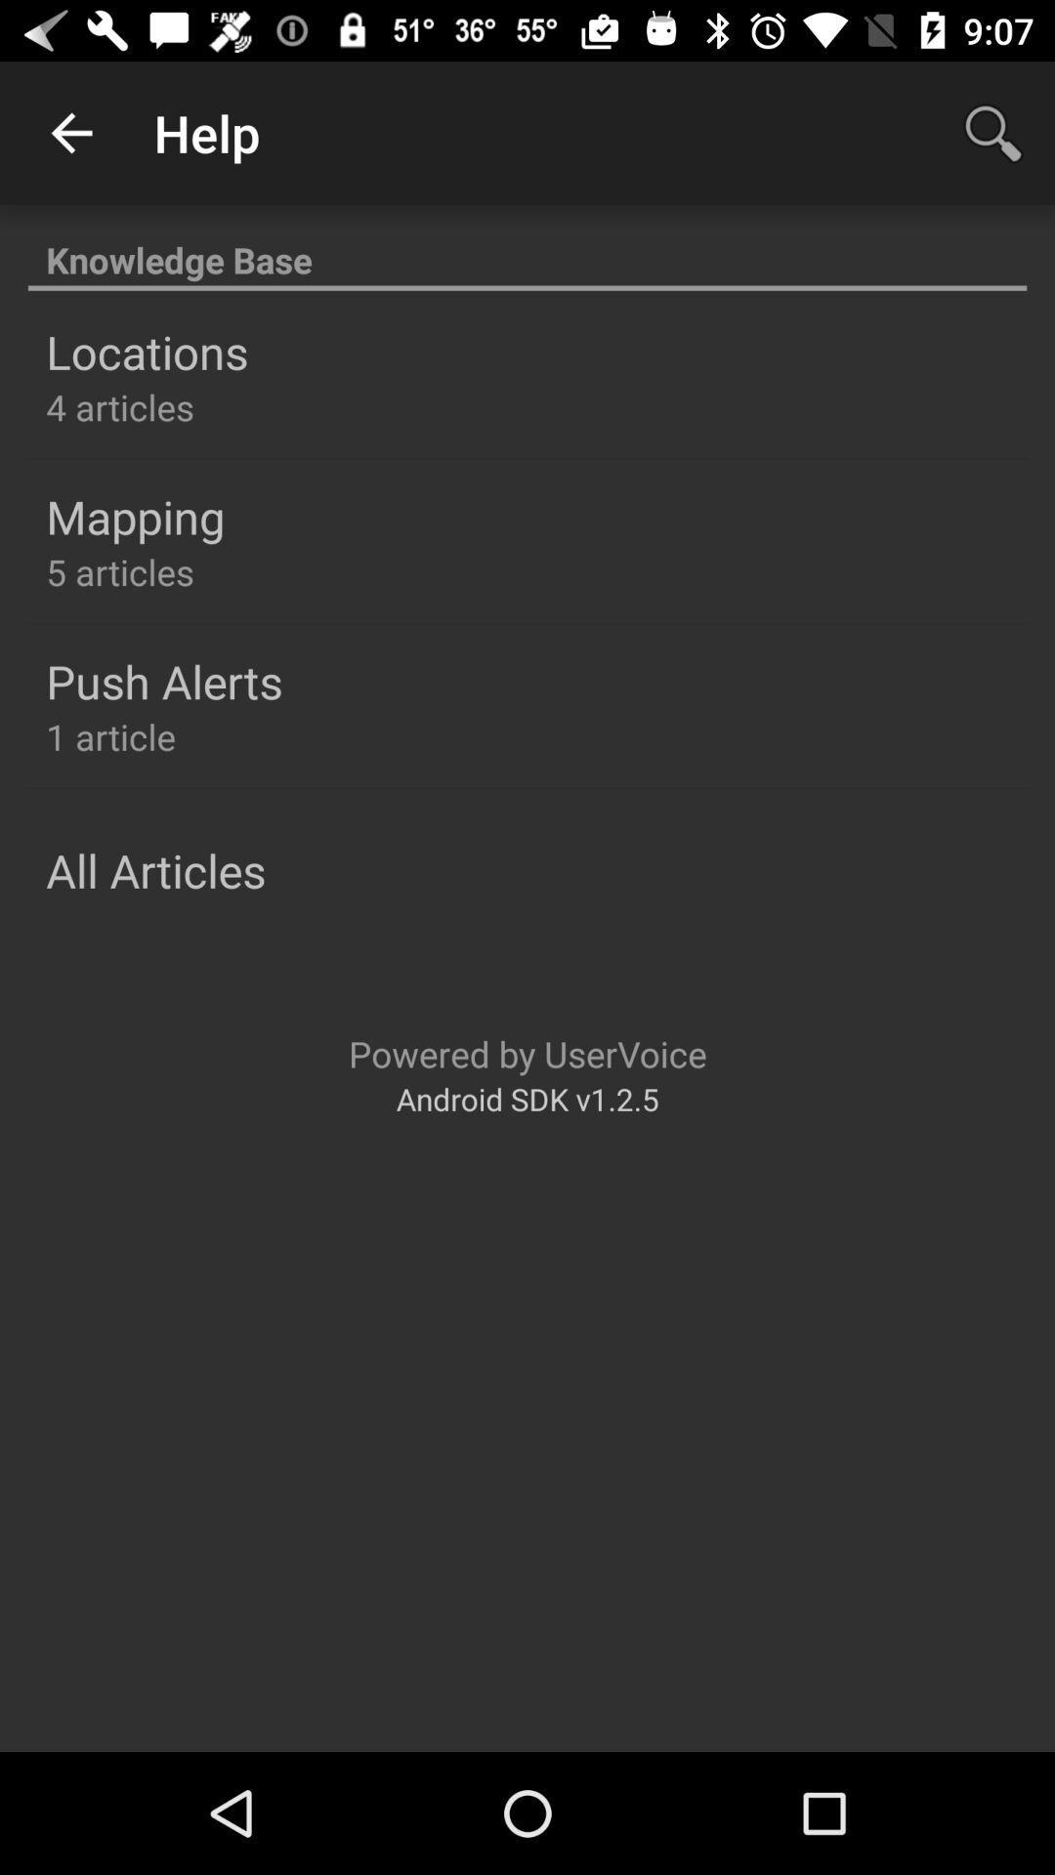 Image resolution: width=1055 pixels, height=1875 pixels. I want to click on locations, so click(146, 352).